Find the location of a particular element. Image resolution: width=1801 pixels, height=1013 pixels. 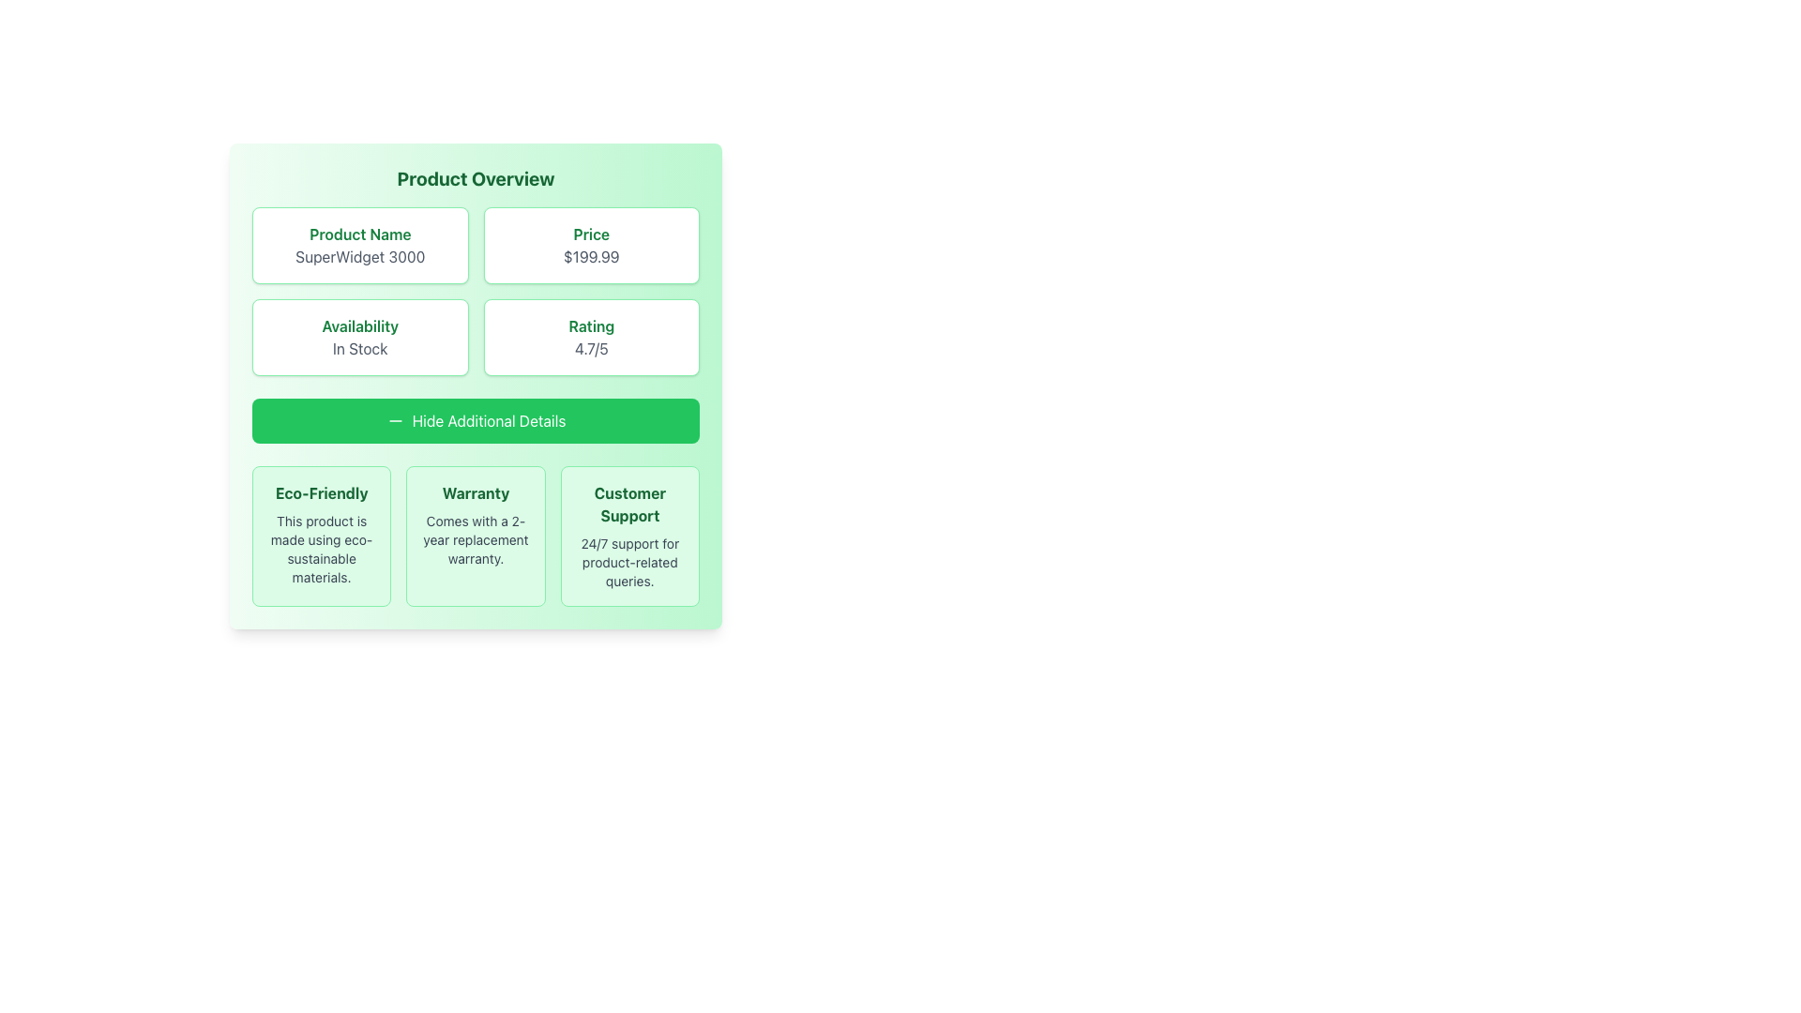

the green rectangular button labeled 'Hide Additional Details' located below the product details grid in the 'Product Overview' section to hide additional information is located at coordinates (476, 419).